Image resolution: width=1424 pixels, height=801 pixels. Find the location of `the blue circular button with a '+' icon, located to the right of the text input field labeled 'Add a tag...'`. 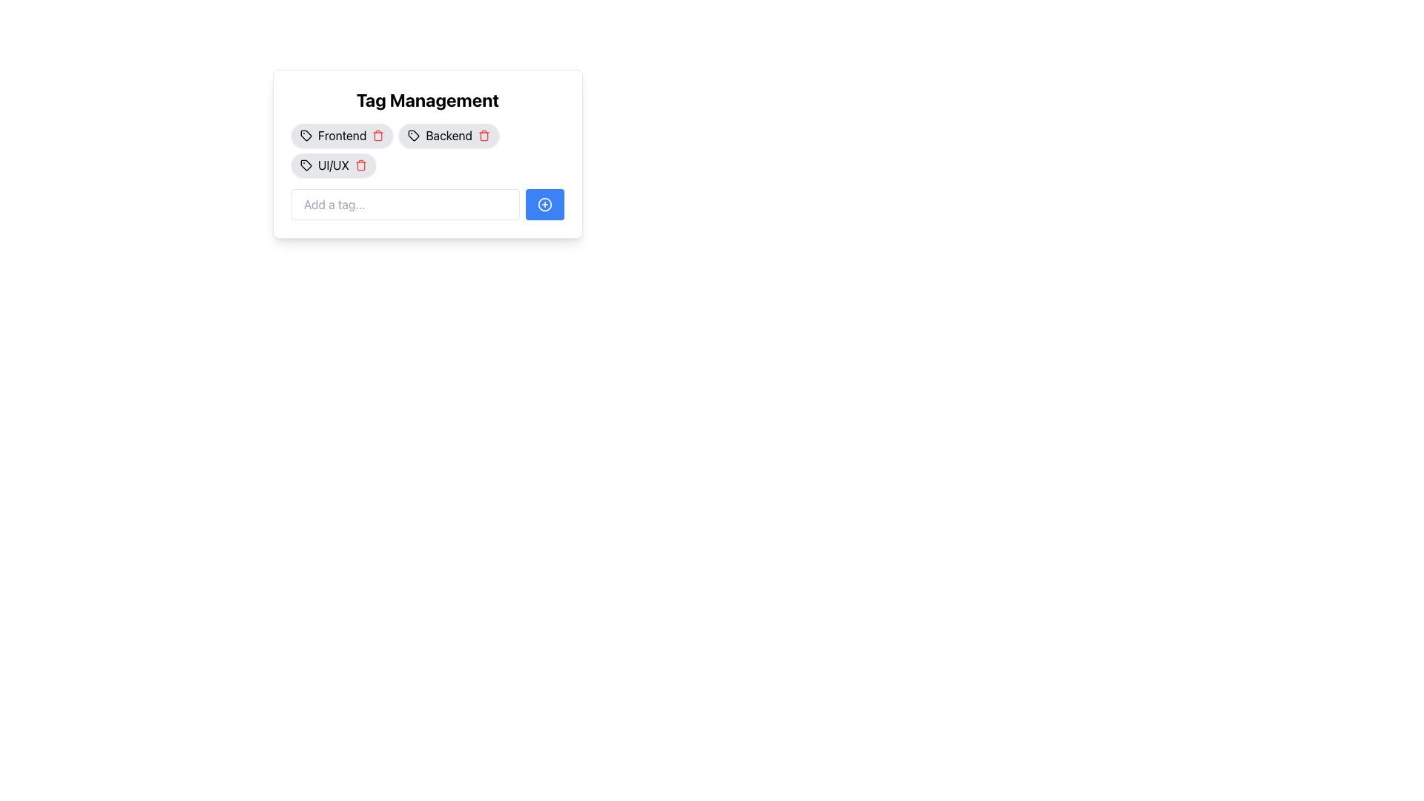

the blue circular button with a '+' icon, located to the right of the text input field labeled 'Add a tag...' is located at coordinates (544, 205).